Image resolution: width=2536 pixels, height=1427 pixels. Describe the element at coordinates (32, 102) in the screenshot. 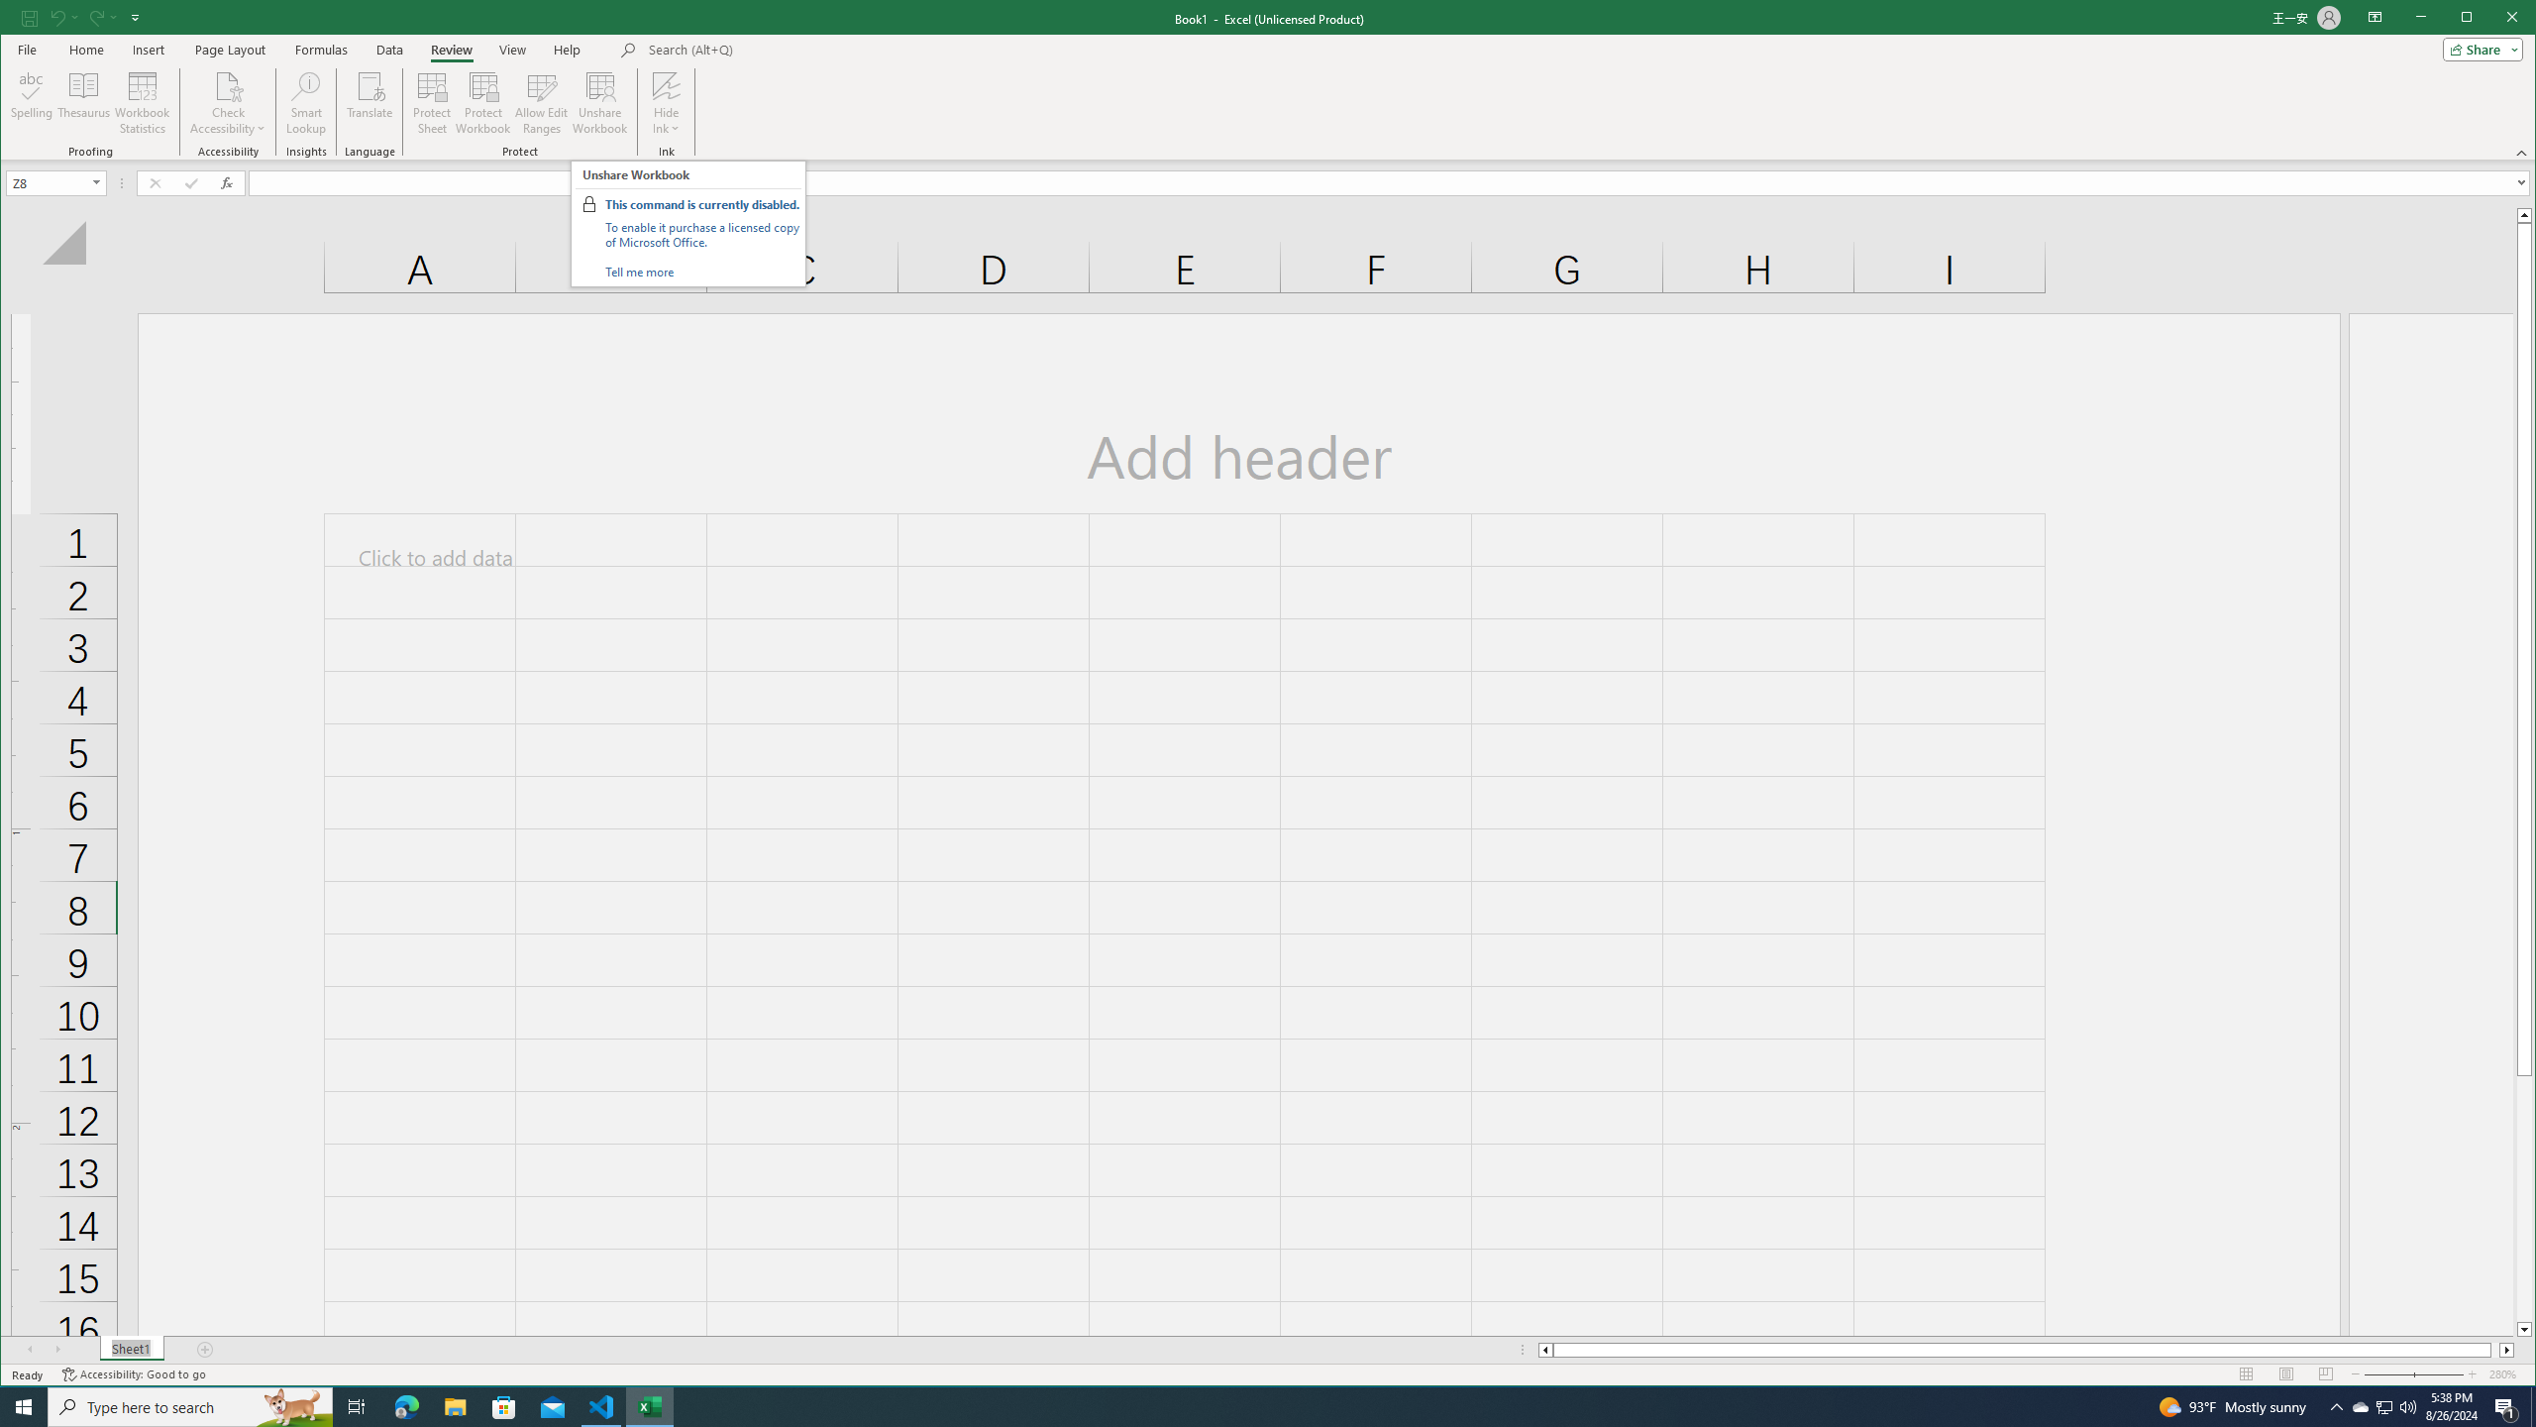

I see `'Spelling...'` at that location.